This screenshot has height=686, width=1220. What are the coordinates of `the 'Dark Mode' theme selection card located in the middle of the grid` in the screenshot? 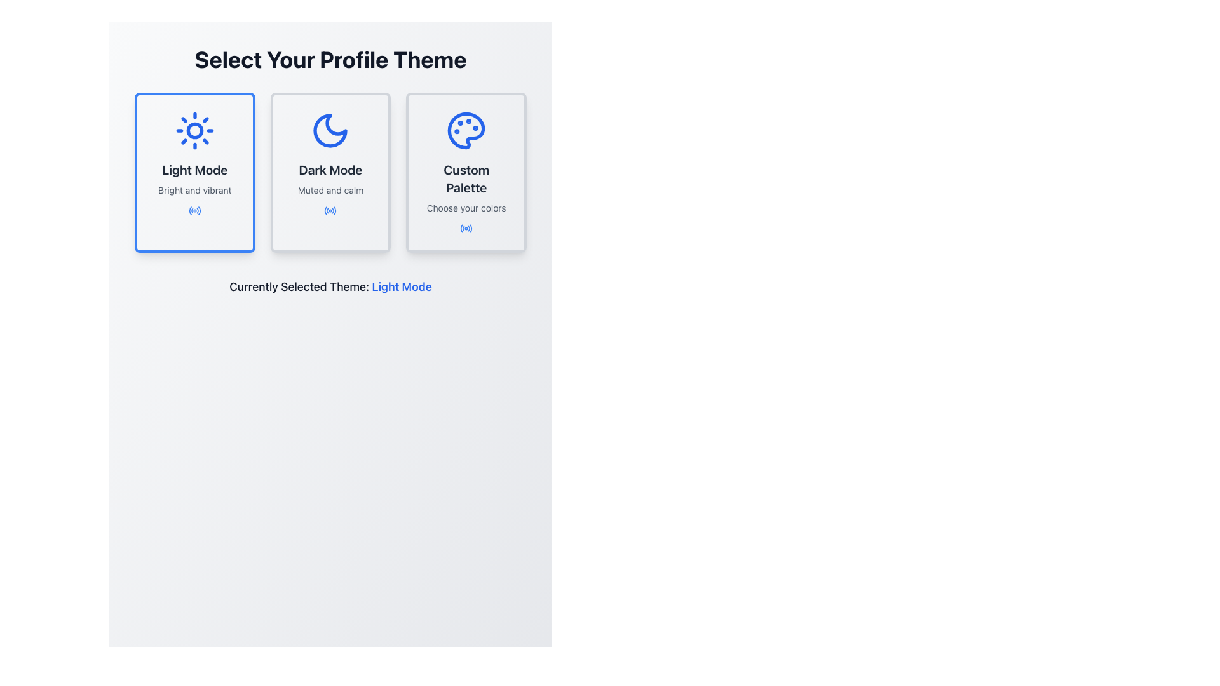 It's located at (330, 173).